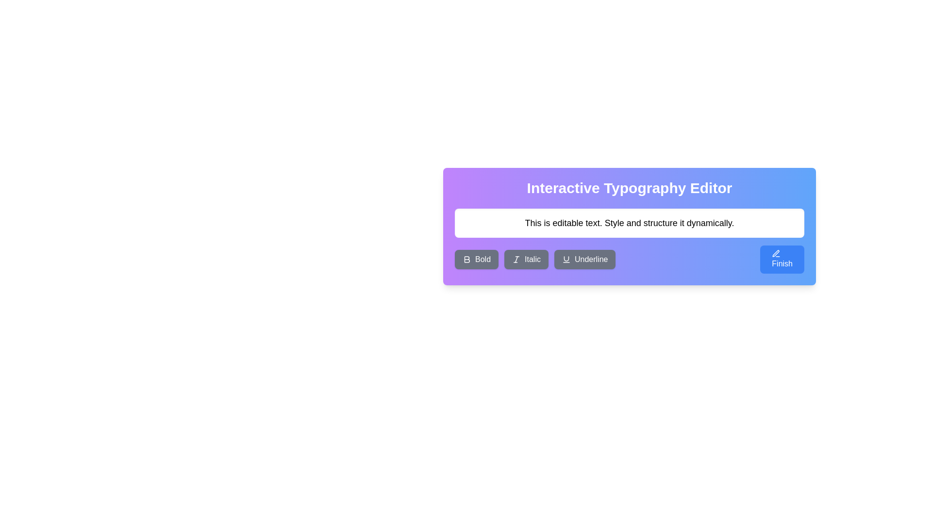 This screenshot has width=932, height=524. I want to click on the 'Underline' button, which is the third button in a horizontal group of buttons labeled 'Bold,' 'Italic,' and 'Underline', to apply underline formatting, so click(584, 259).